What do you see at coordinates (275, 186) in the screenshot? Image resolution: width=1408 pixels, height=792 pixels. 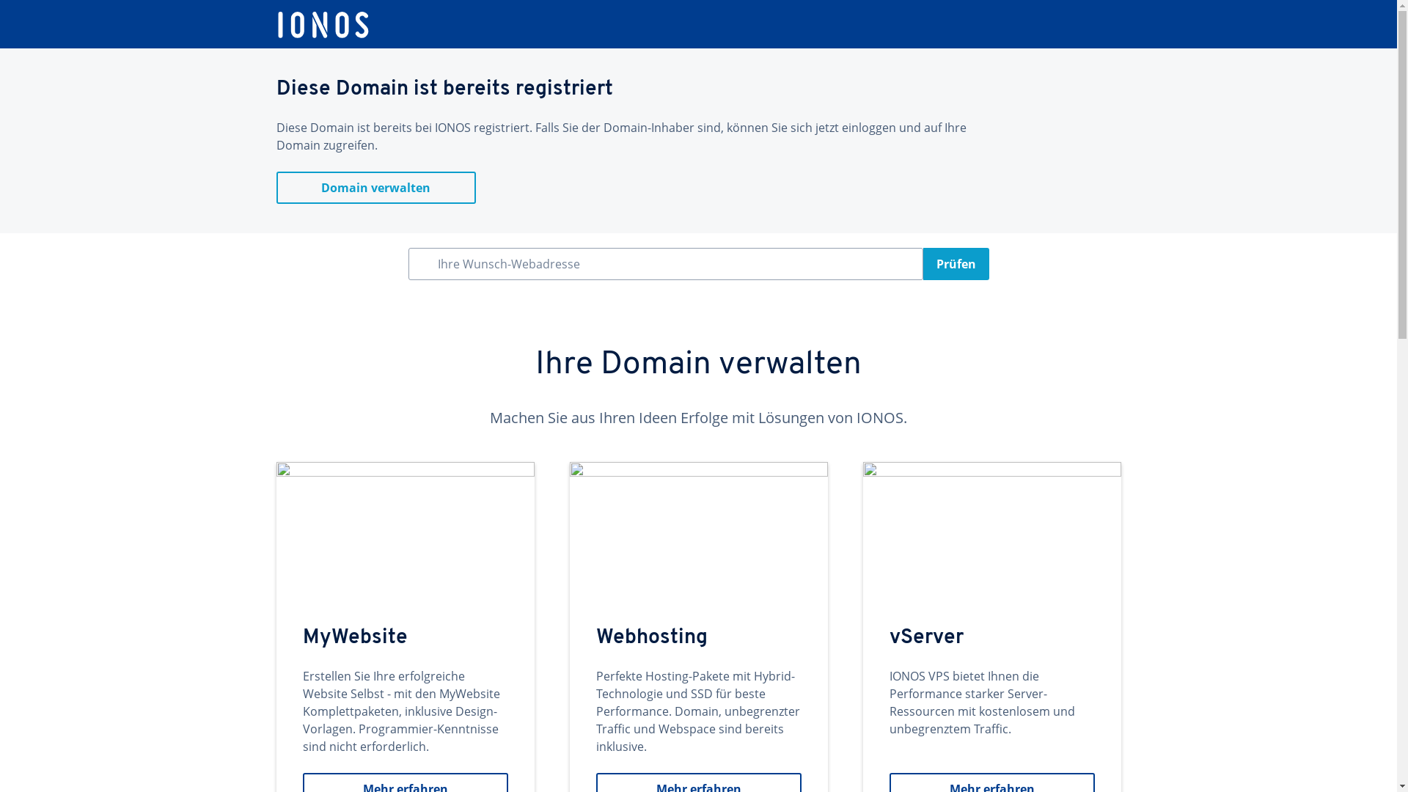 I see `'Domain verwalten'` at bounding box center [275, 186].